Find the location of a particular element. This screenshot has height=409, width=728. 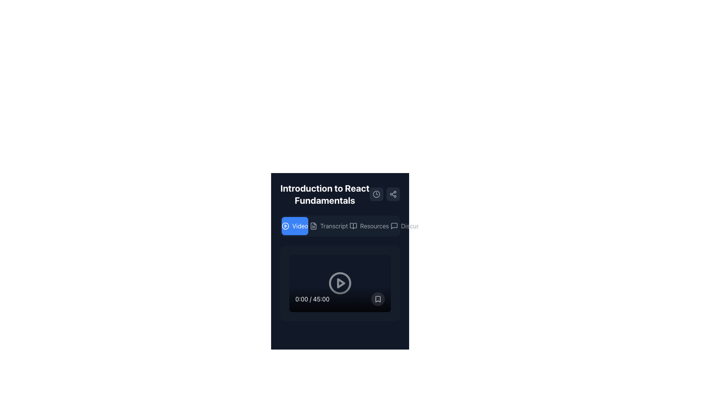

the video player component located under the 'Introduction to React Fundamentals' section is located at coordinates (340, 283).